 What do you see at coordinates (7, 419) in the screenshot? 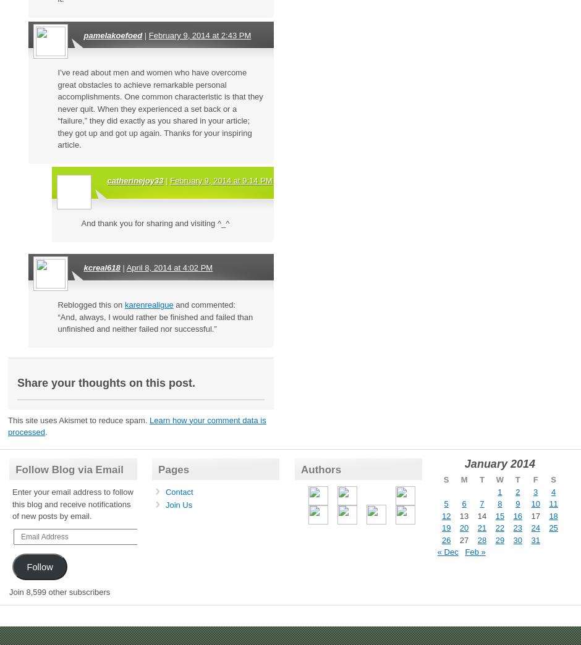
I see `'This site uses Akismet to reduce spam.'` at bounding box center [7, 419].